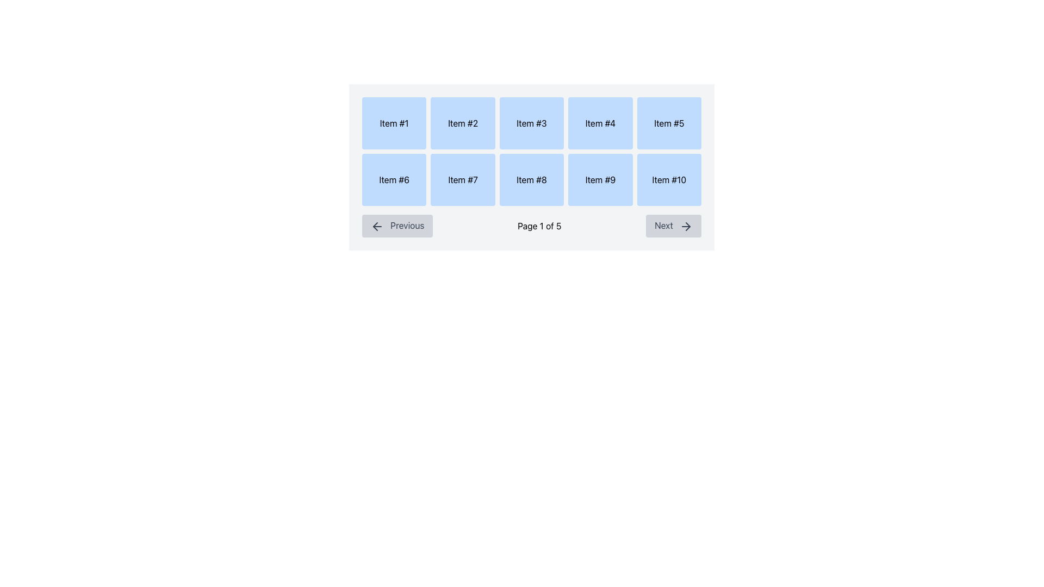 The height and width of the screenshot is (587, 1044). I want to click on the text label displaying 'Item #6', so click(394, 179).